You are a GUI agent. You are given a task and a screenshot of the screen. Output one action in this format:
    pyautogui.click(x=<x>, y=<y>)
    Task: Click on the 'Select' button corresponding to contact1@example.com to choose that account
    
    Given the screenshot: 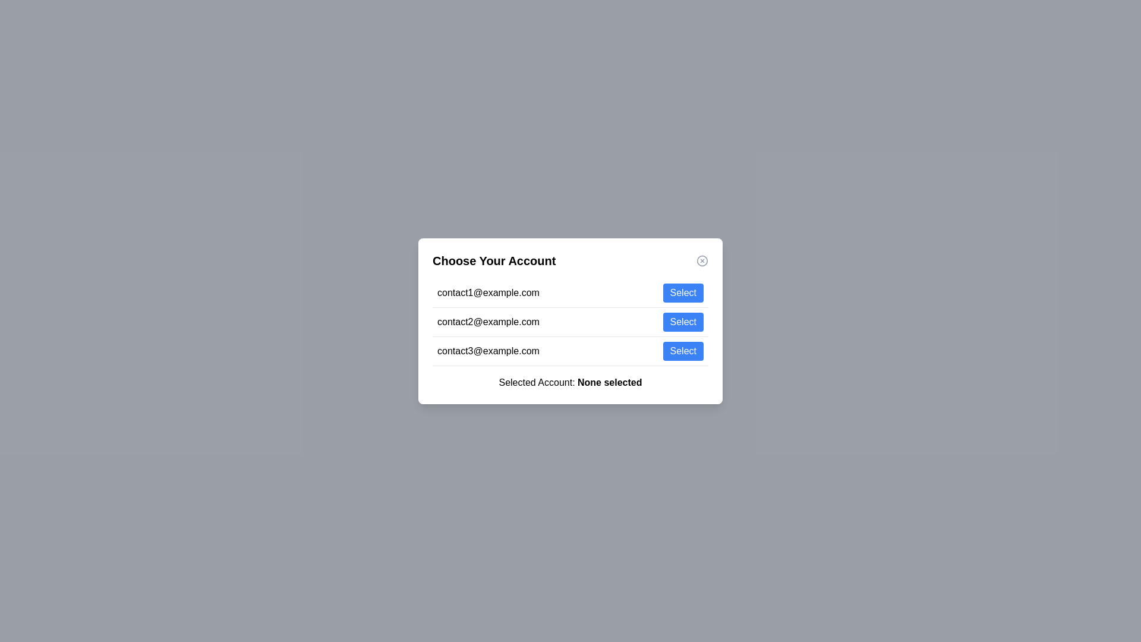 What is the action you would take?
    pyautogui.click(x=683, y=292)
    